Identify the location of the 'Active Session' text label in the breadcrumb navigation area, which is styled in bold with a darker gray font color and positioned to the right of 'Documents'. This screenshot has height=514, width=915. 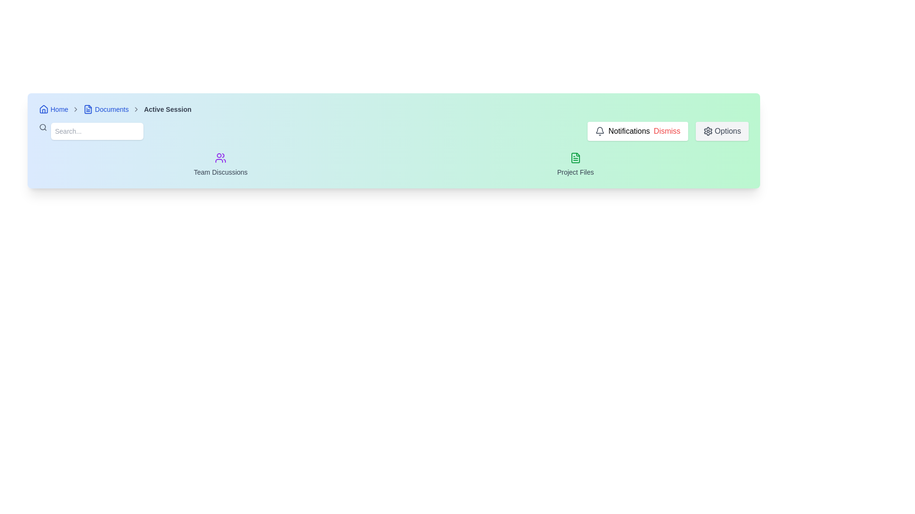
(167, 109).